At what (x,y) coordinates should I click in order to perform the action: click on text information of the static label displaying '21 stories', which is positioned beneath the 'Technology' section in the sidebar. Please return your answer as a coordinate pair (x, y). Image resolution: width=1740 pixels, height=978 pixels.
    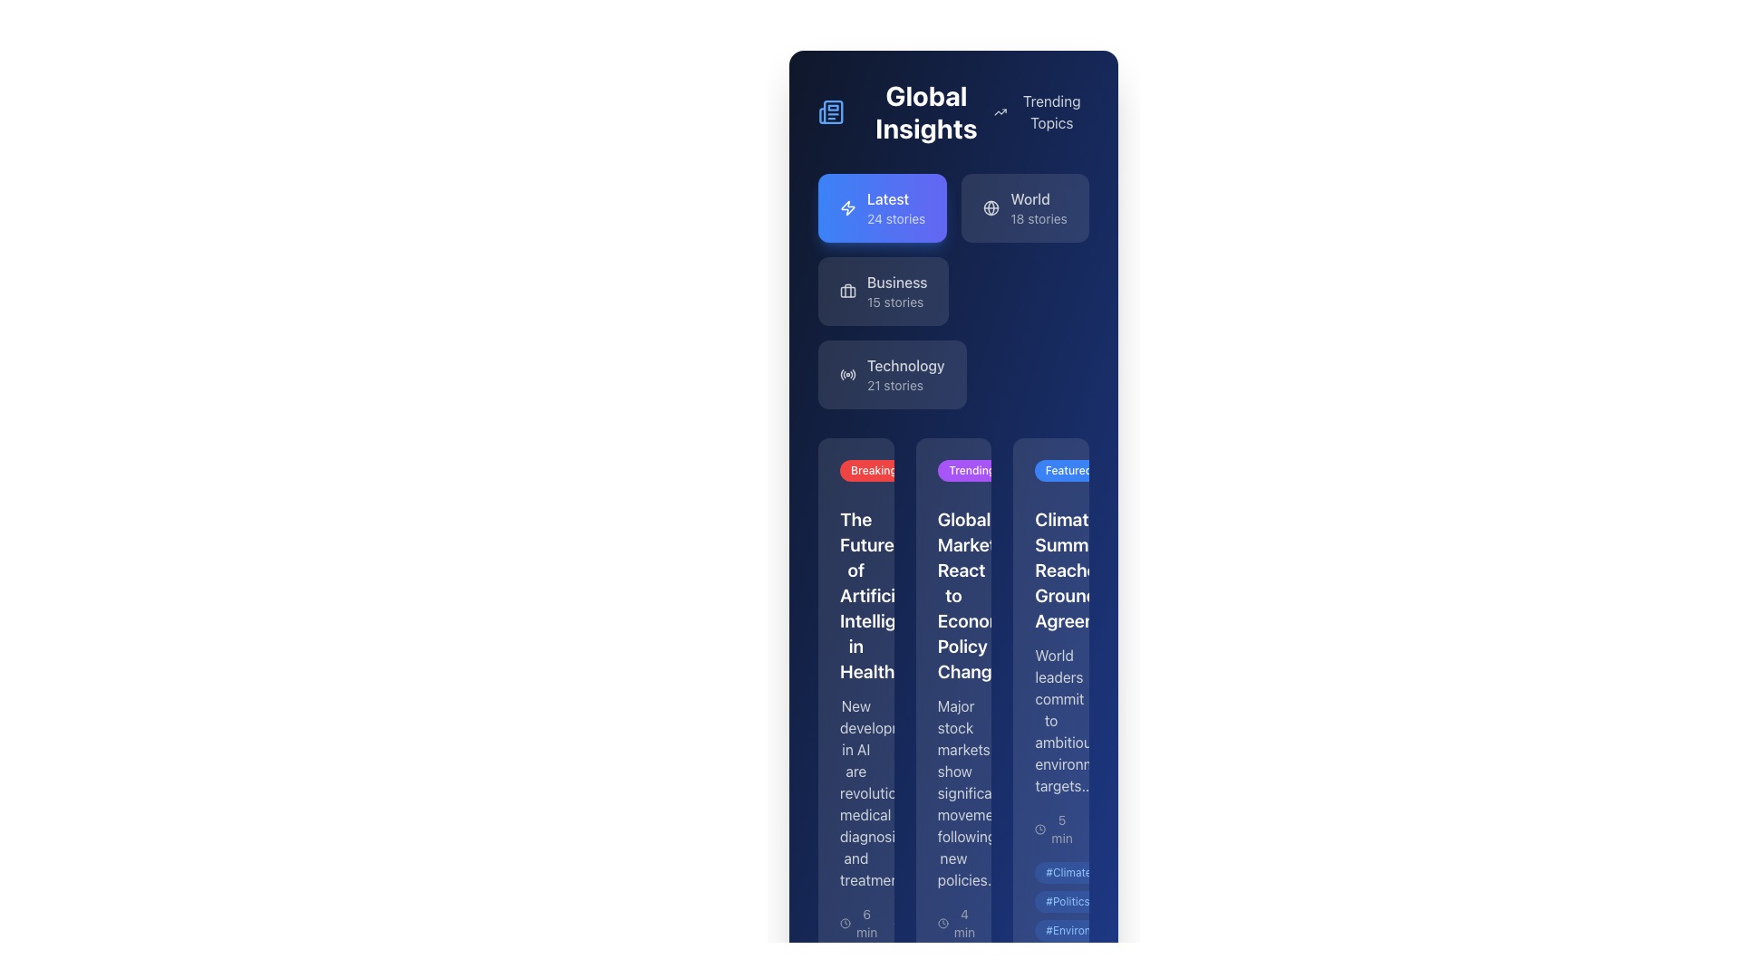
    Looking at the image, I should click on (905, 384).